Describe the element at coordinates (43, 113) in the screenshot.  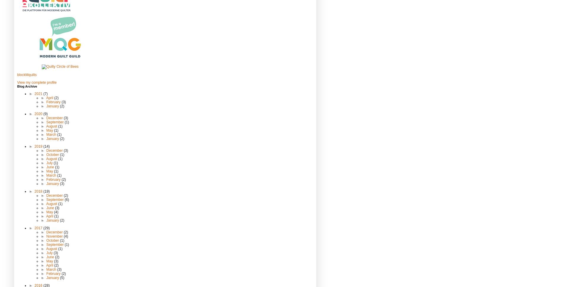
I see `'(9)'` at that location.